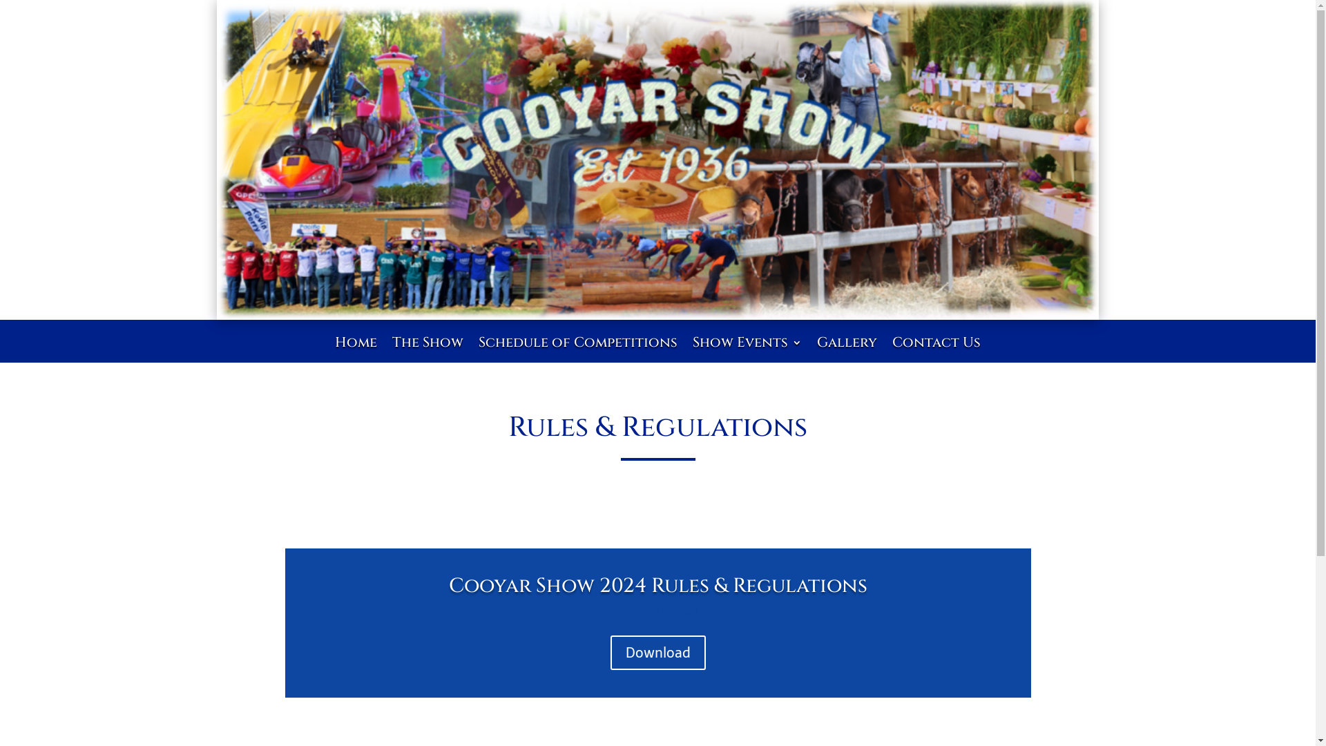 Image resolution: width=1326 pixels, height=746 pixels. What do you see at coordinates (427, 352) in the screenshot?
I see `'The Show'` at bounding box center [427, 352].